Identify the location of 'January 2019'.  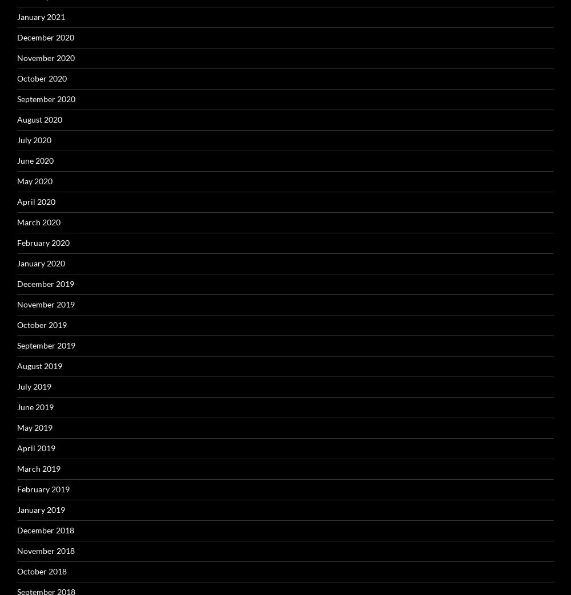
(41, 509).